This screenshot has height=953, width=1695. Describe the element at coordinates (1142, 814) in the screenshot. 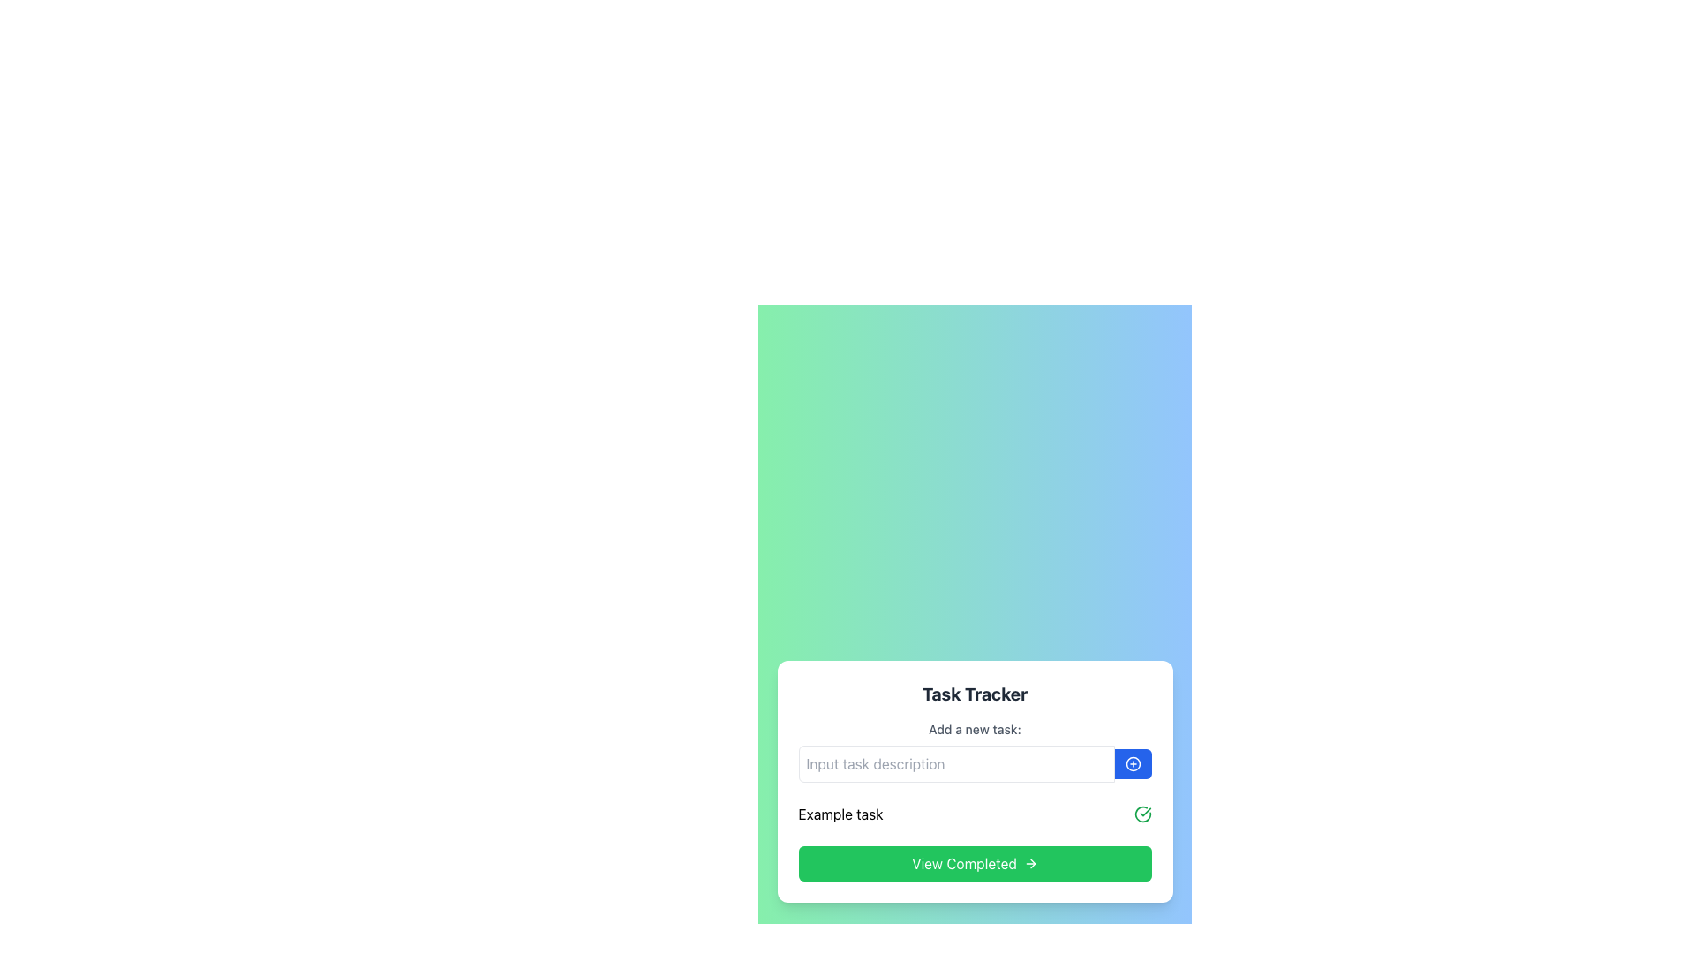

I see `the status of the green checkmark circle icon located on the far right side of the horizontal group containing the task label 'Example task'` at that location.